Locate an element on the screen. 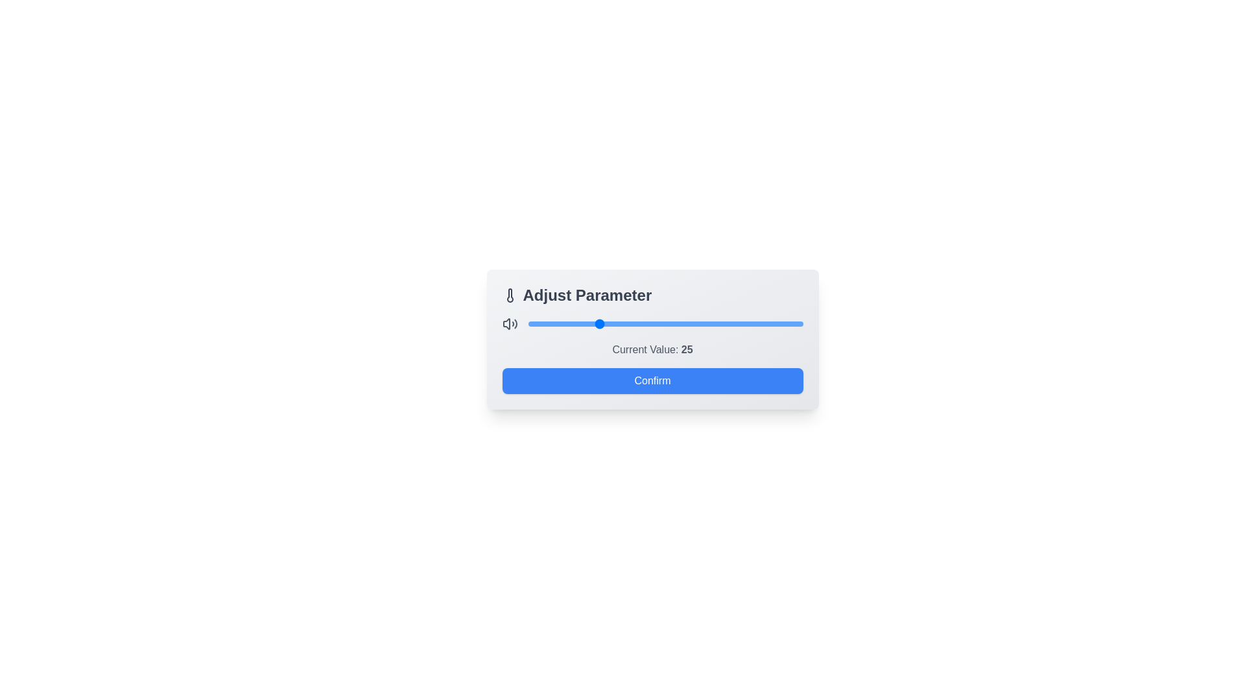 The image size is (1245, 700). the horizontal Range Slider with a blue progress bar and a circular knob, located below the 'Adjust Parameter' title and above the 'Current Value: 25' text is located at coordinates (652, 323).